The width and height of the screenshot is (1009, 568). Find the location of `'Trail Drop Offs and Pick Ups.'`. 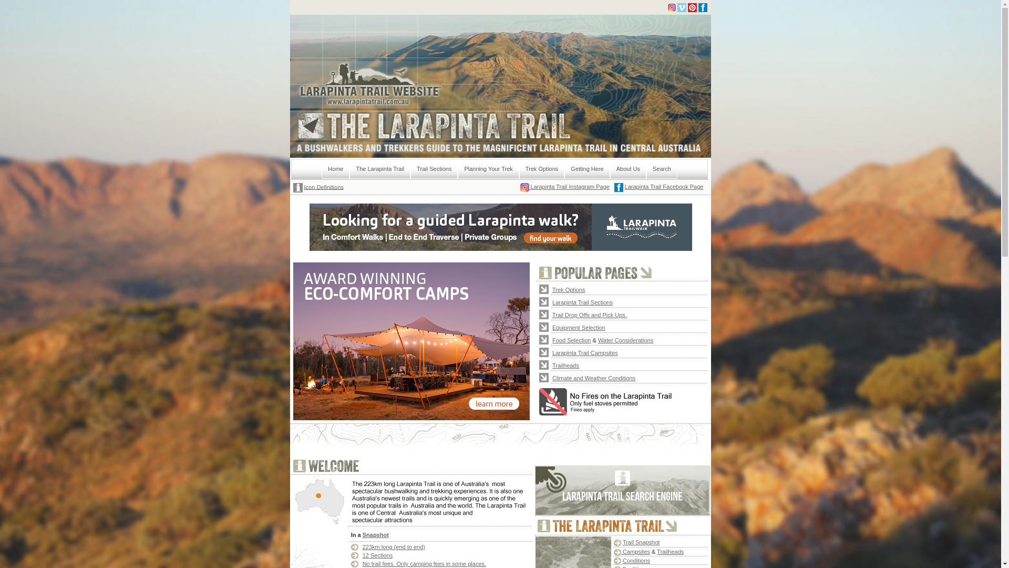

'Trail Drop Offs and Pick Ups.' is located at coordinates (552, 313).